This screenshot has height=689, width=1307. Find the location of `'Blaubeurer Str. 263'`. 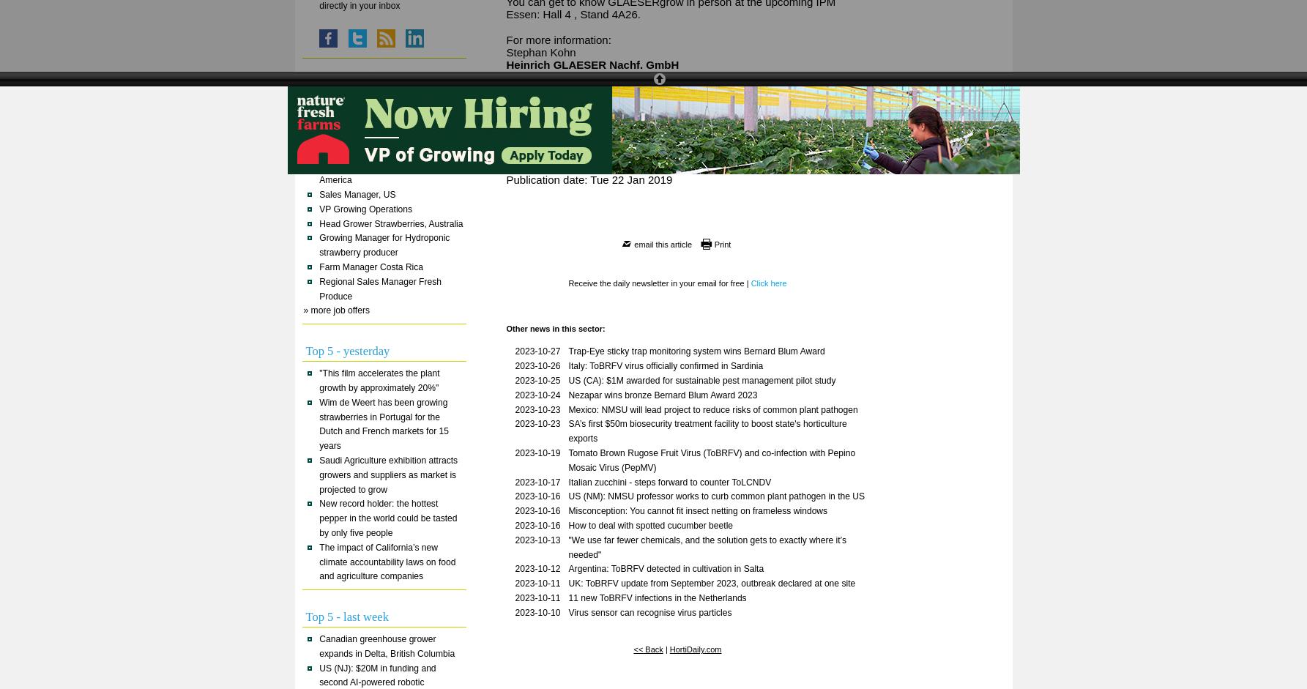

'Blaubeurer Str. 263' is located at coordinates (552, 77).